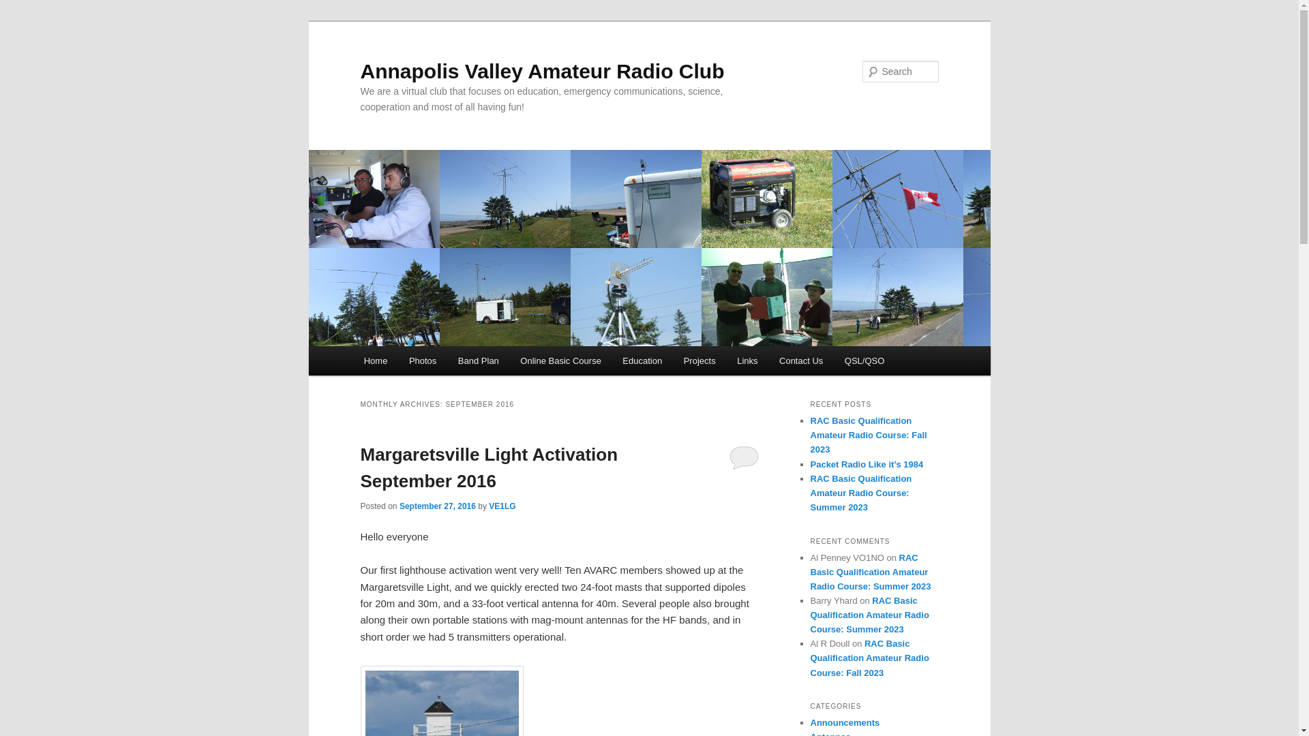  I want to click on 'Links', so click(746, 360).